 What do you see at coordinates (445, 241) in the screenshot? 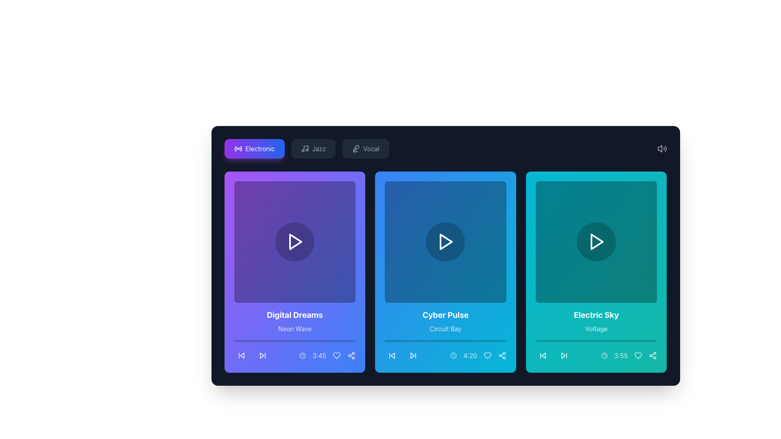
I see `the circular play button with a translucent dark background located in the 'Cyber Pulse' card labeled 'Circuit Bay'` at bounding box center [445, 241].